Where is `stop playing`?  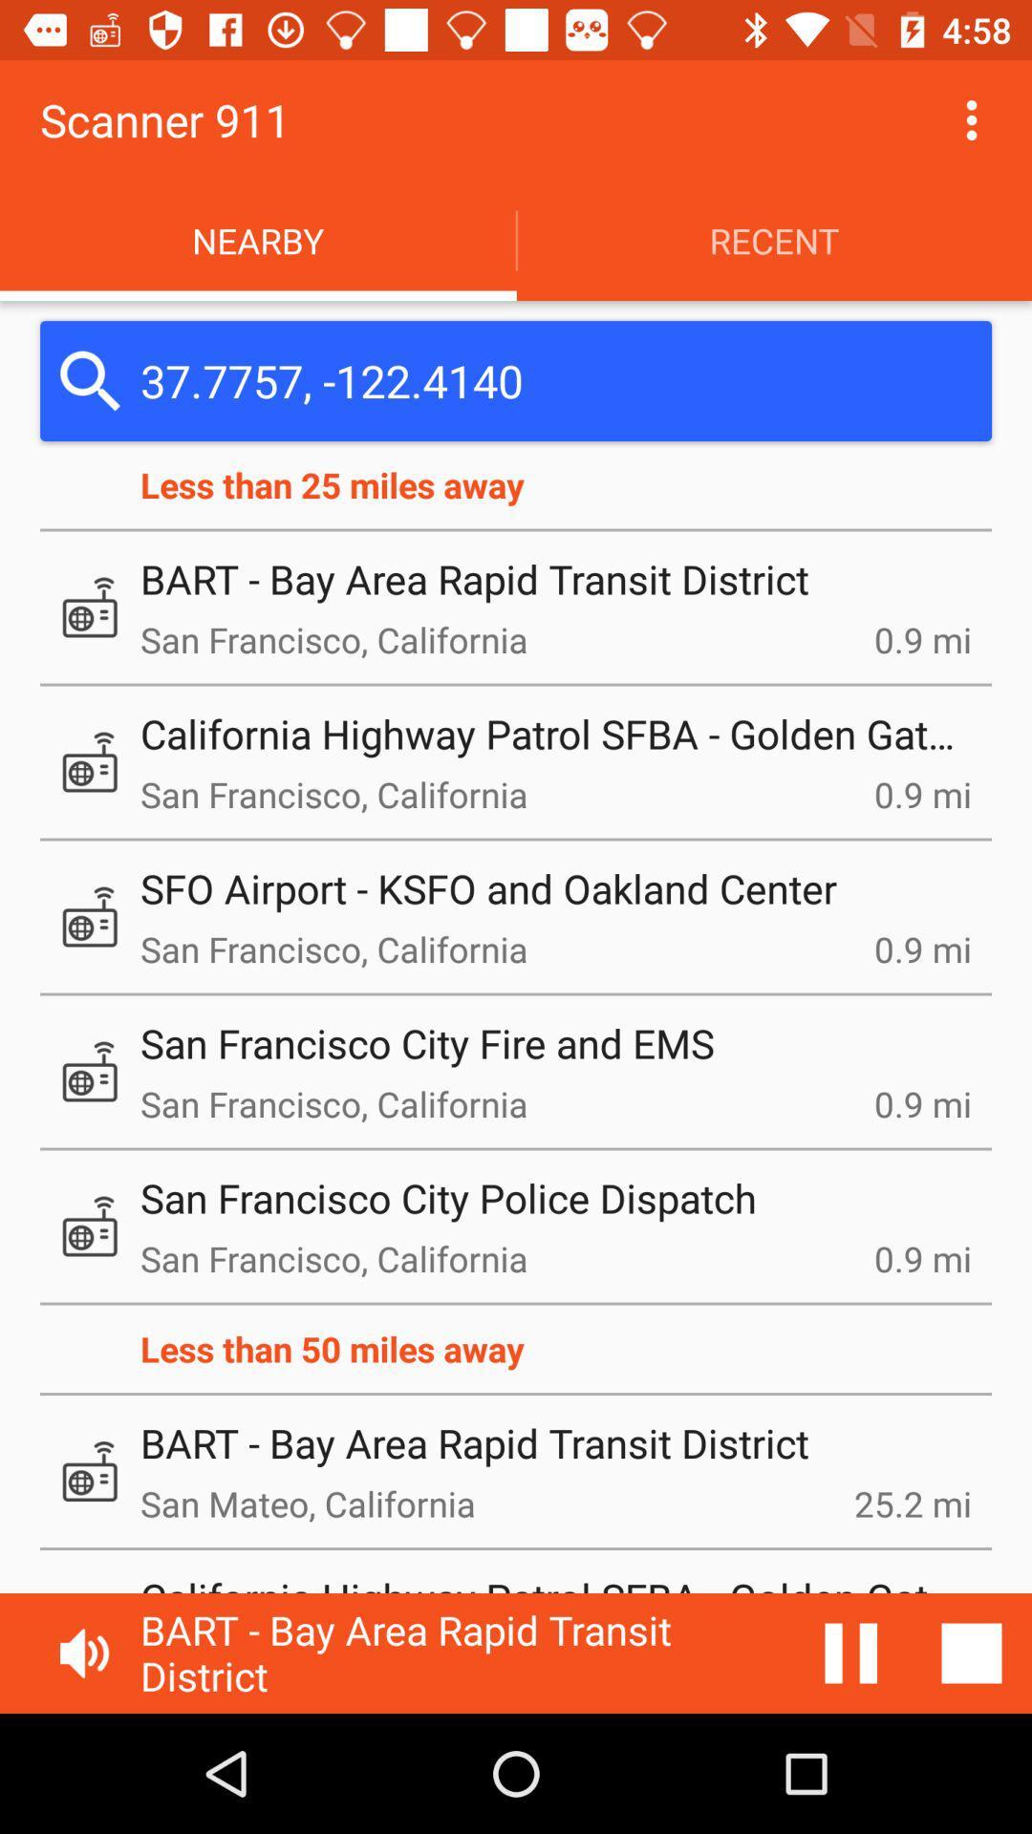 stop playing is located at coordinates (972, 1653).